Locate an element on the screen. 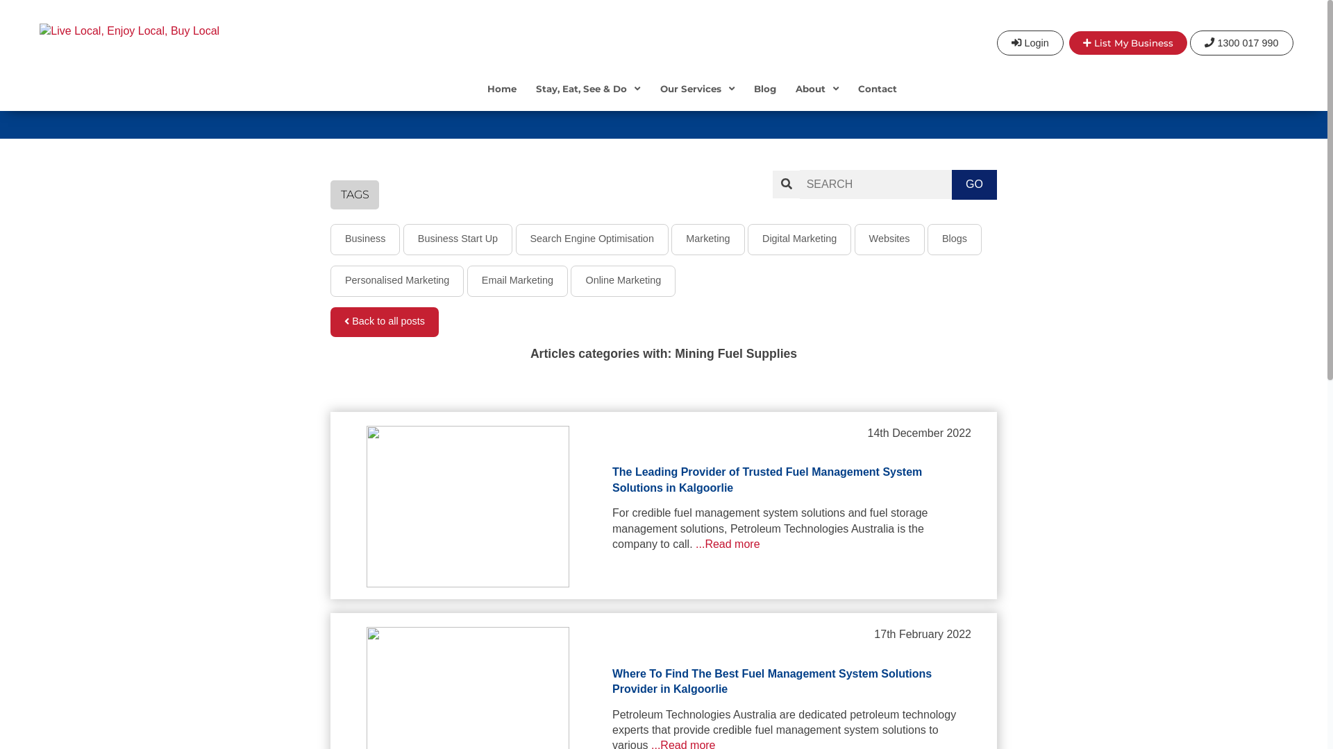  'Stay, Eat, See & Do' is located at coordinates (587, 98).